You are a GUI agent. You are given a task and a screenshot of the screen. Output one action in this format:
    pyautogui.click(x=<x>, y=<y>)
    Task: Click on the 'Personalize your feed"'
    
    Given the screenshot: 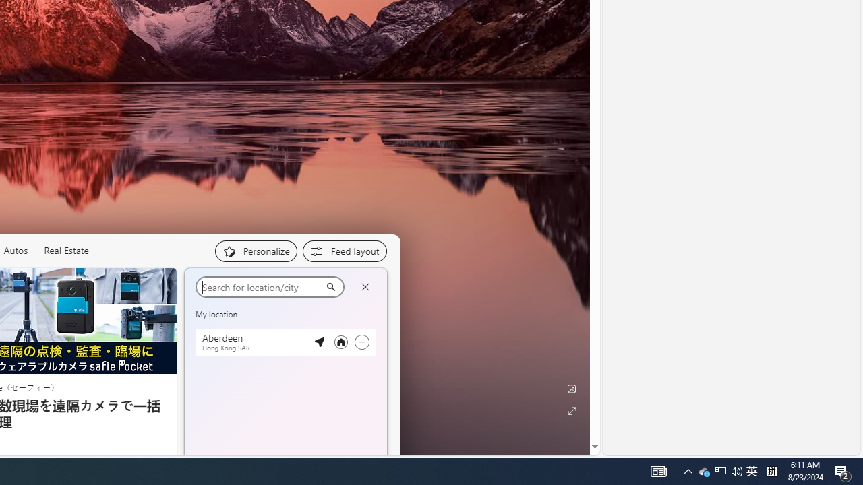 What is the action you would take?
    pyautogui.click(x=256, y=251)
    